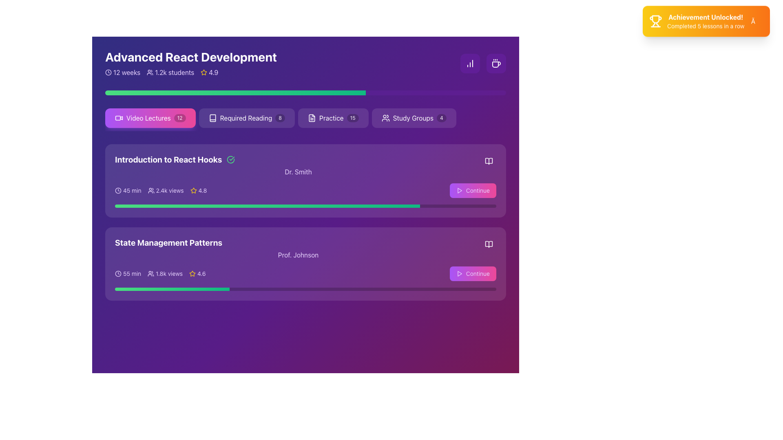  I want to click on the Icon Button located in the top-right corner of the main application interface, which indicates breaks or leisure activities, so click(496, 63).